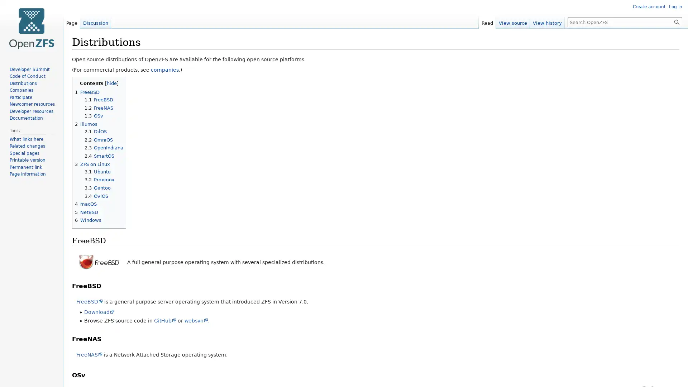 The image size is (688, 387). I want to click on Search, so click(677, 21).